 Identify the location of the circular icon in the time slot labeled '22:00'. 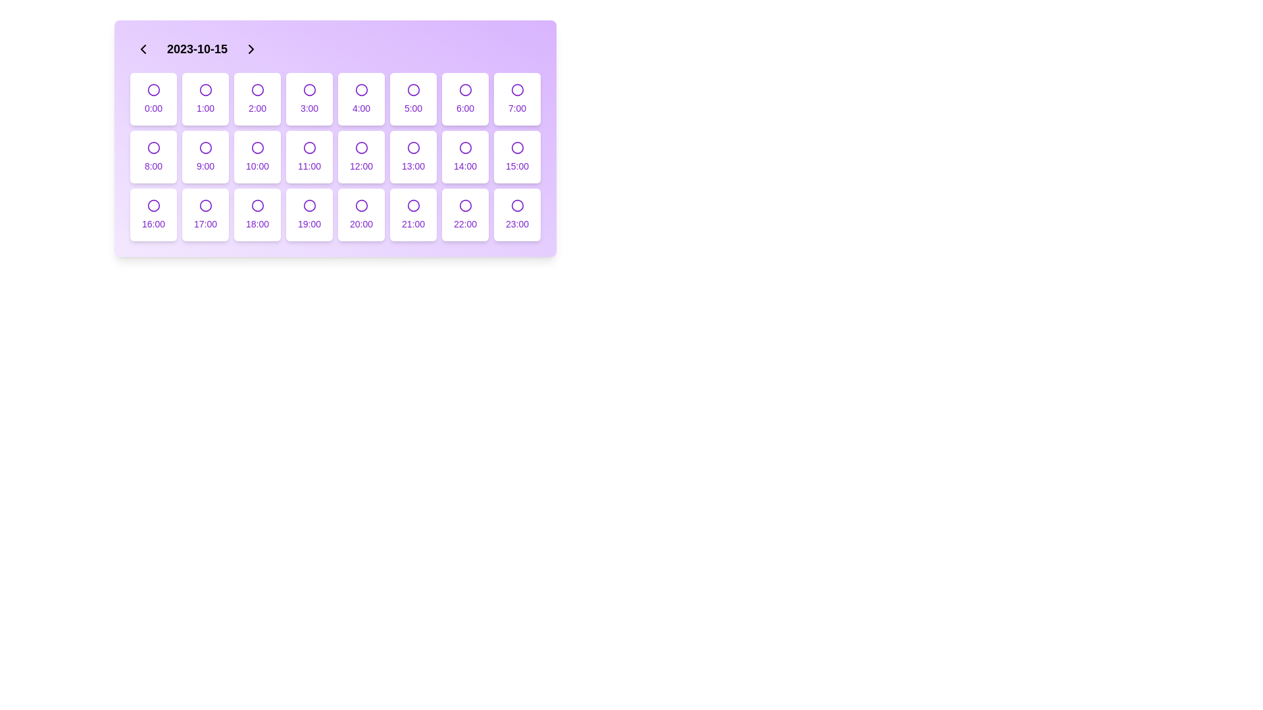
(465, 205).